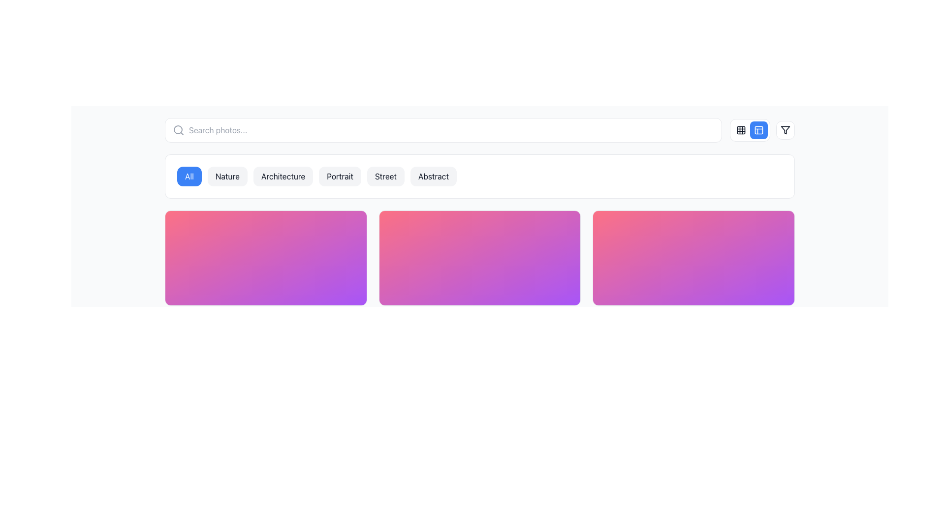  What do you see at coordinates (693, 257) in the screenshot?
I see `the third clickable card in the upper right section of the interface` at bounding box center [693, 257].